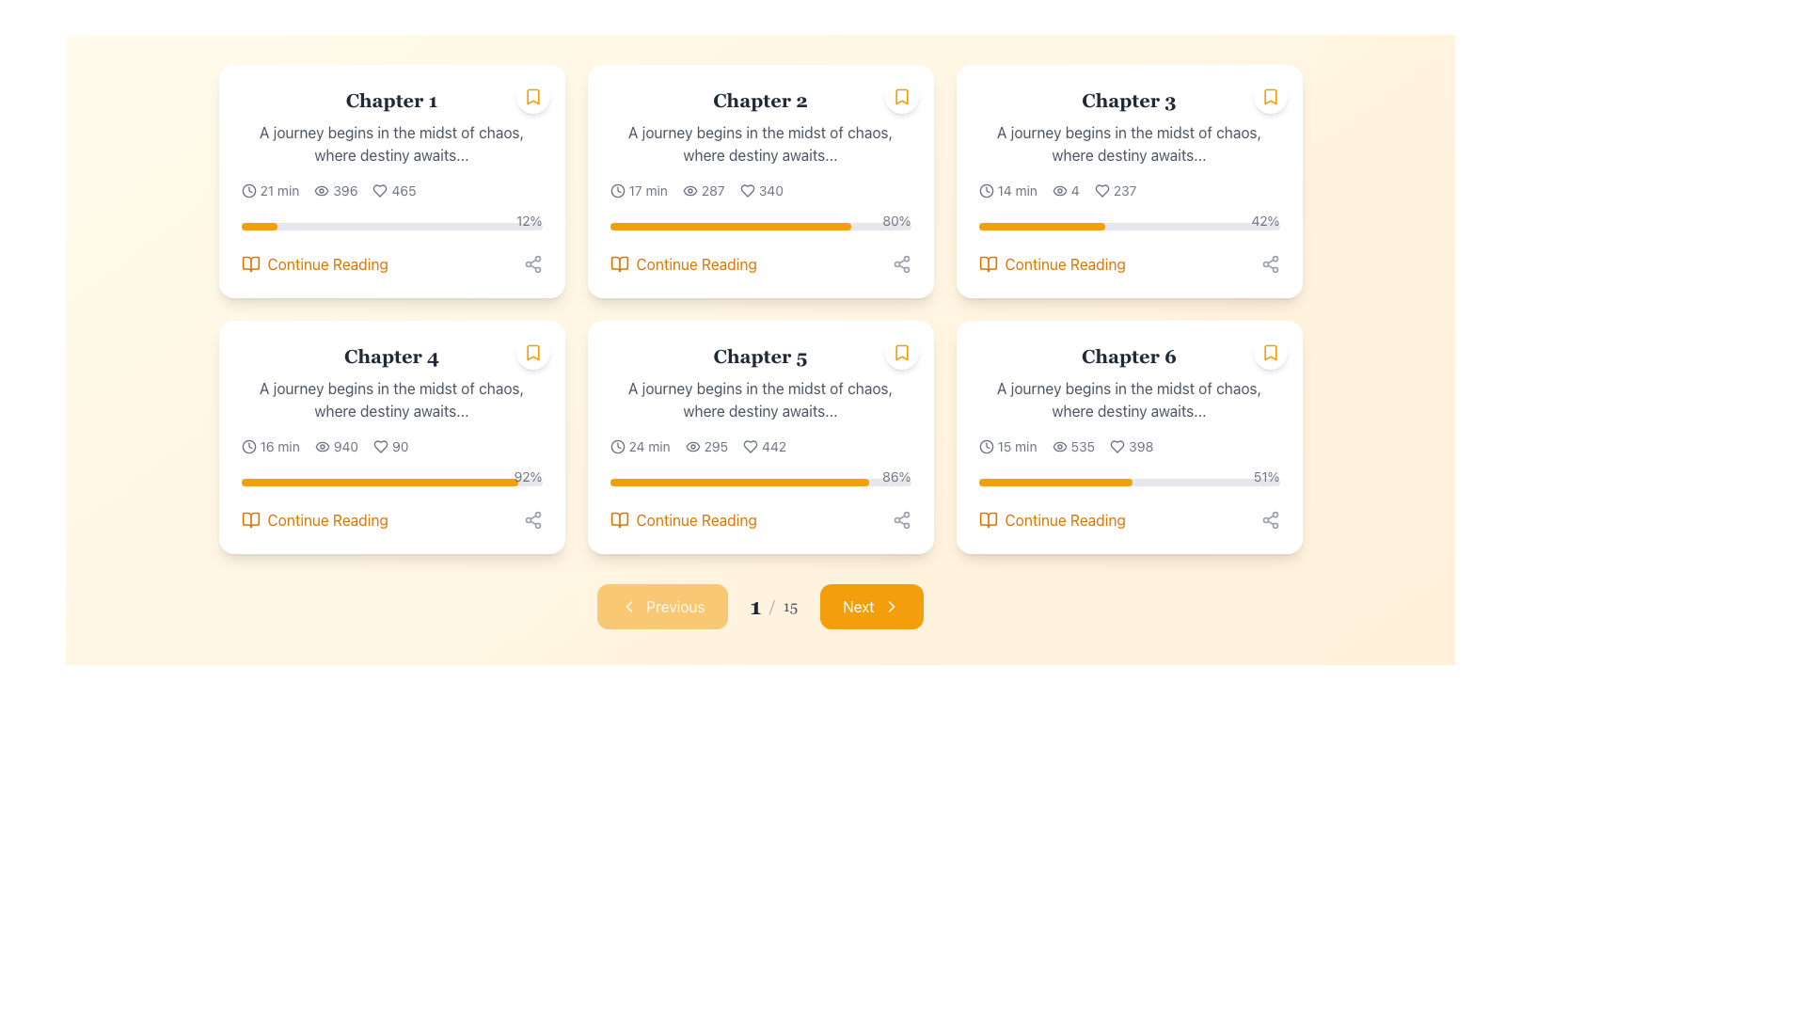  I want to click on text from the Text block summarizing Chapter 4, located as the second item in the grid of six cards, positioned below the 'Chapter 1' card and to the left of the 'Chapter 5' card, so click(390, 382).